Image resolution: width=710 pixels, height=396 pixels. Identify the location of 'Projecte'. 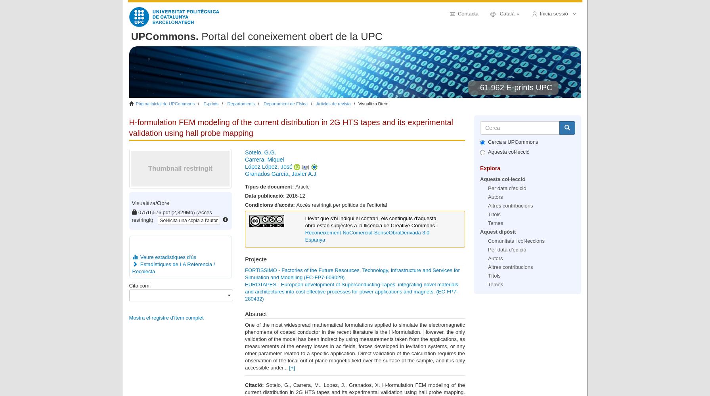
(244, 259).